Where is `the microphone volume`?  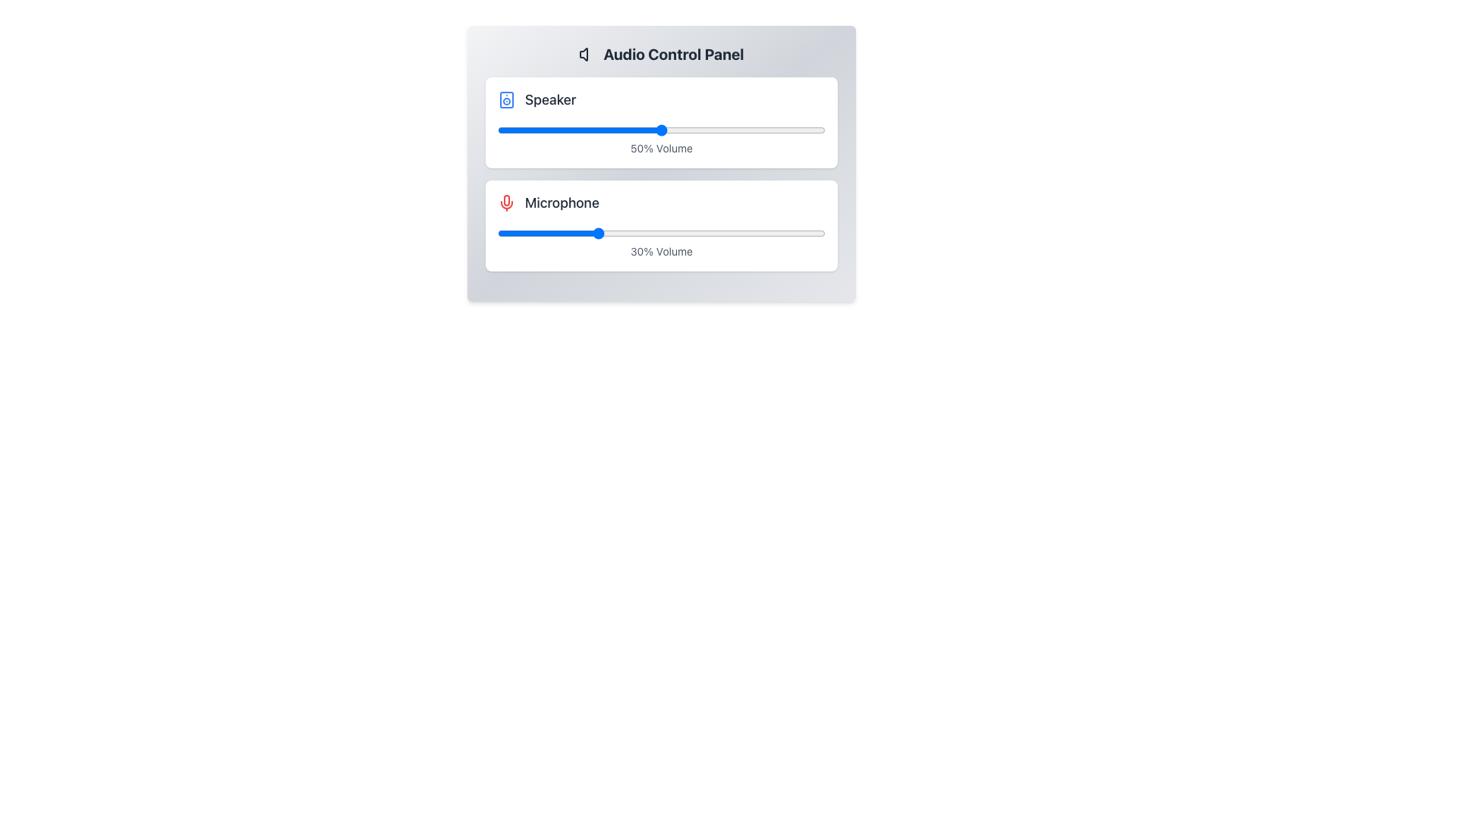 the microphone volume is located at coordinates (743, 234).